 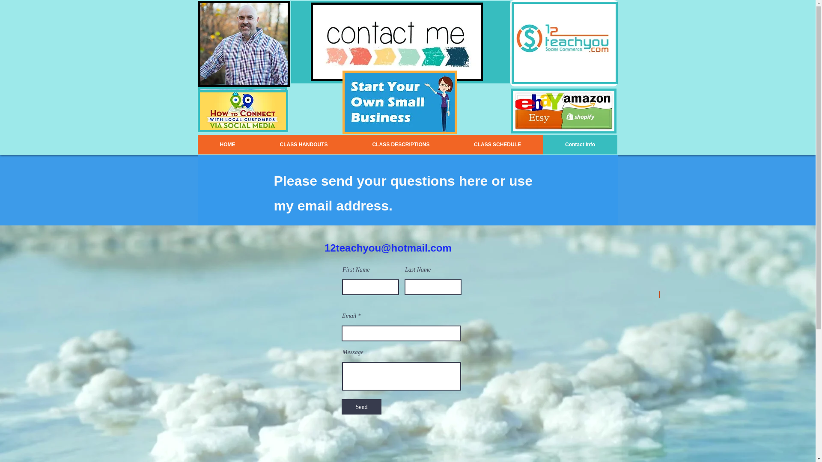 I want to click on 'CLASS SCHEDULE', so click(x=497, y=144).